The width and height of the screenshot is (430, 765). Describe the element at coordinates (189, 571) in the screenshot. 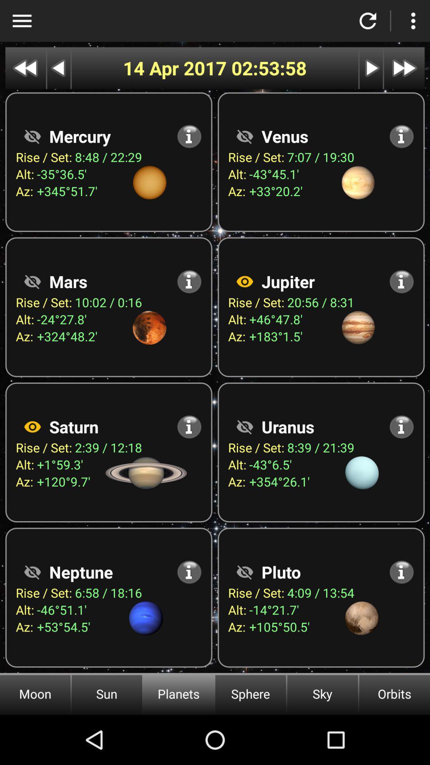

I see `activate neptune information icon` at that location.